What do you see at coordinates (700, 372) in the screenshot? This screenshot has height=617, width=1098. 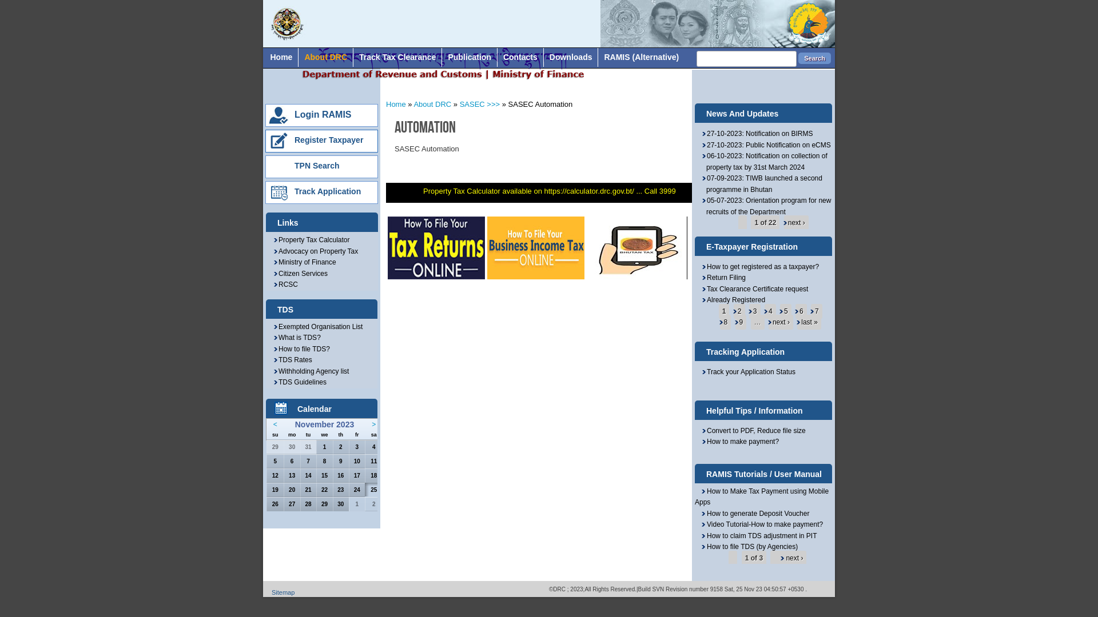 I see `'Track your Application Status'` at bounding box center [700, 372].